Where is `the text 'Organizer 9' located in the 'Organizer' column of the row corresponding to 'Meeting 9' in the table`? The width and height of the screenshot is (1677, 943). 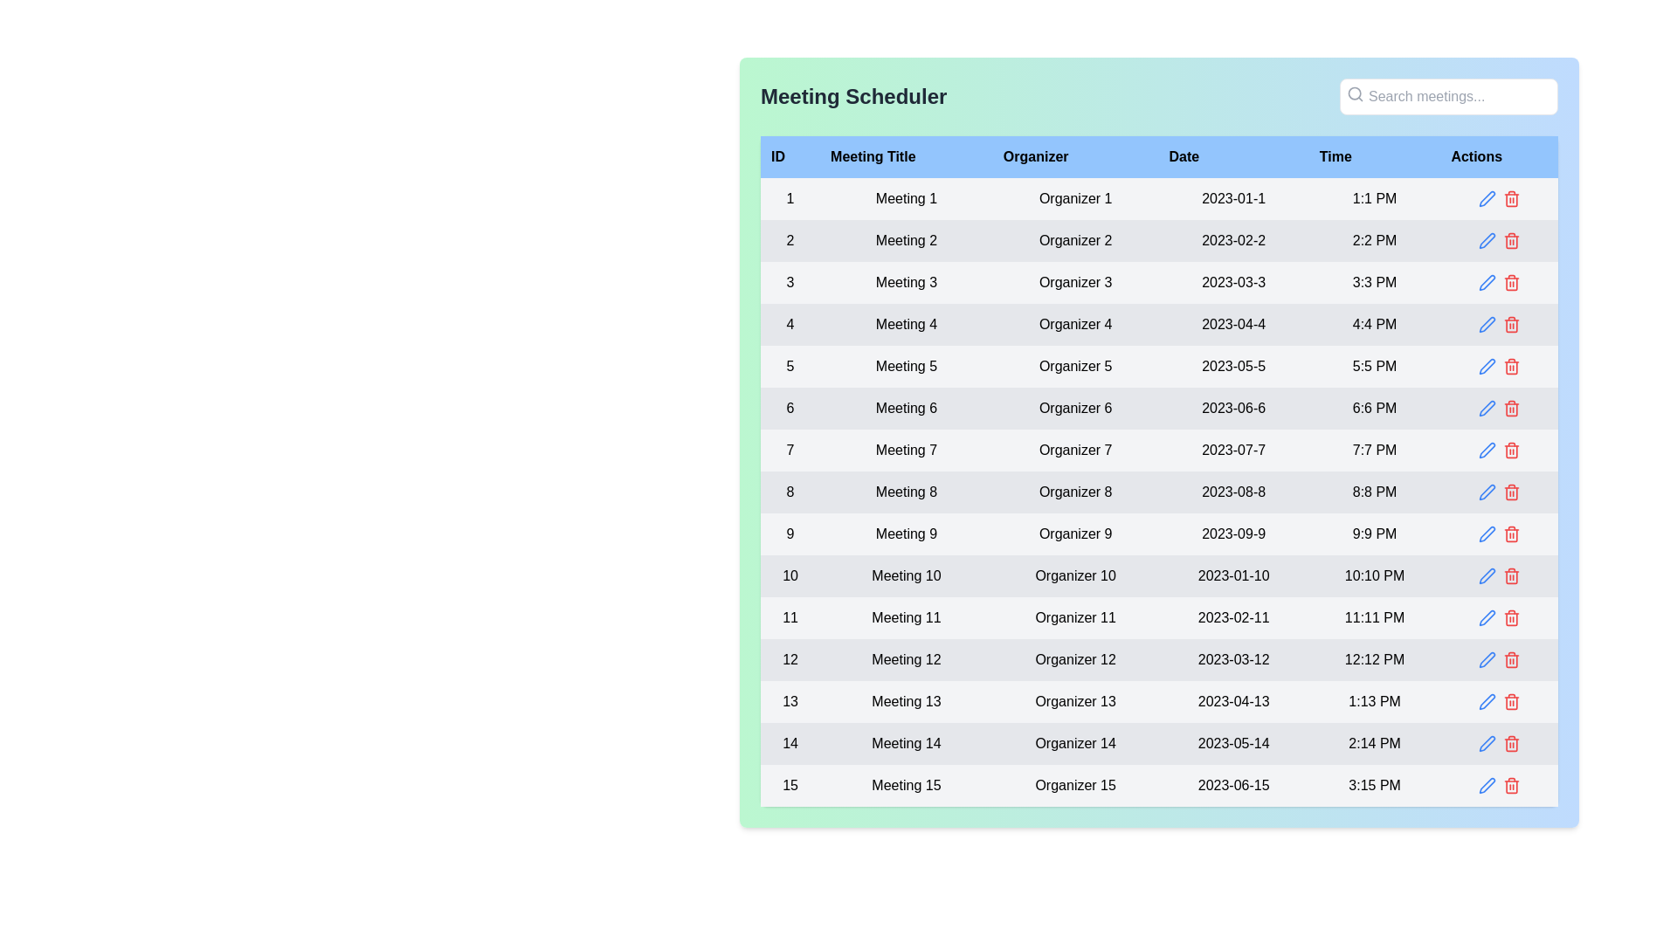 the text 'Organizer 9' located in the 'Organizer' column of the row corresponding to 'Meeting 9' in the table is located at coordinates (1074, 533).